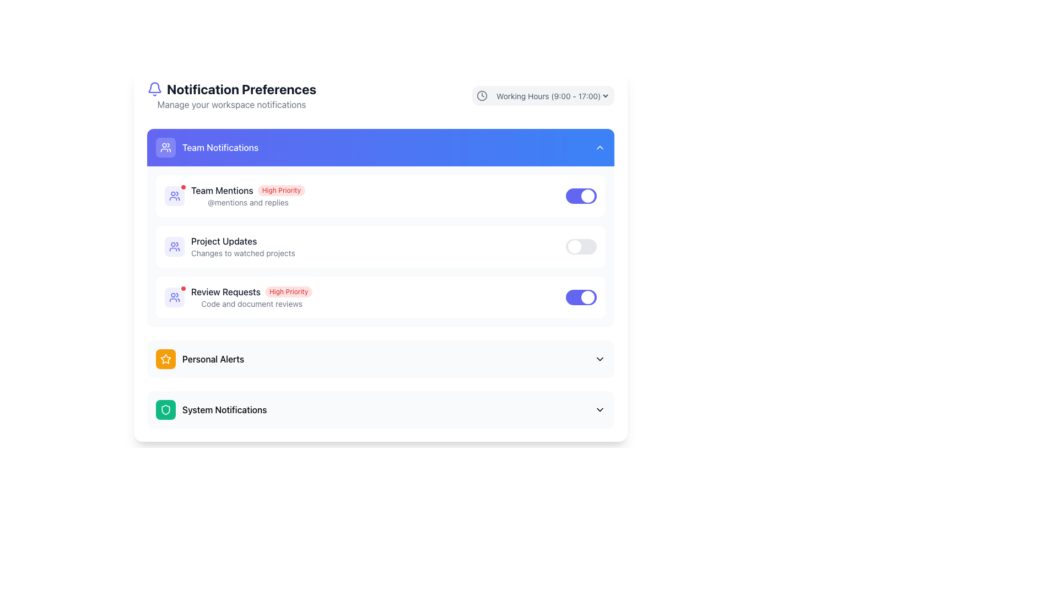 Image resolution: width=1058 pixels, height=595 pixels. Describe the element at coordinates (242, 241) in the screenshot. I see `the second text label in the 'Team Notifications' section, indicating project updates` at that location.